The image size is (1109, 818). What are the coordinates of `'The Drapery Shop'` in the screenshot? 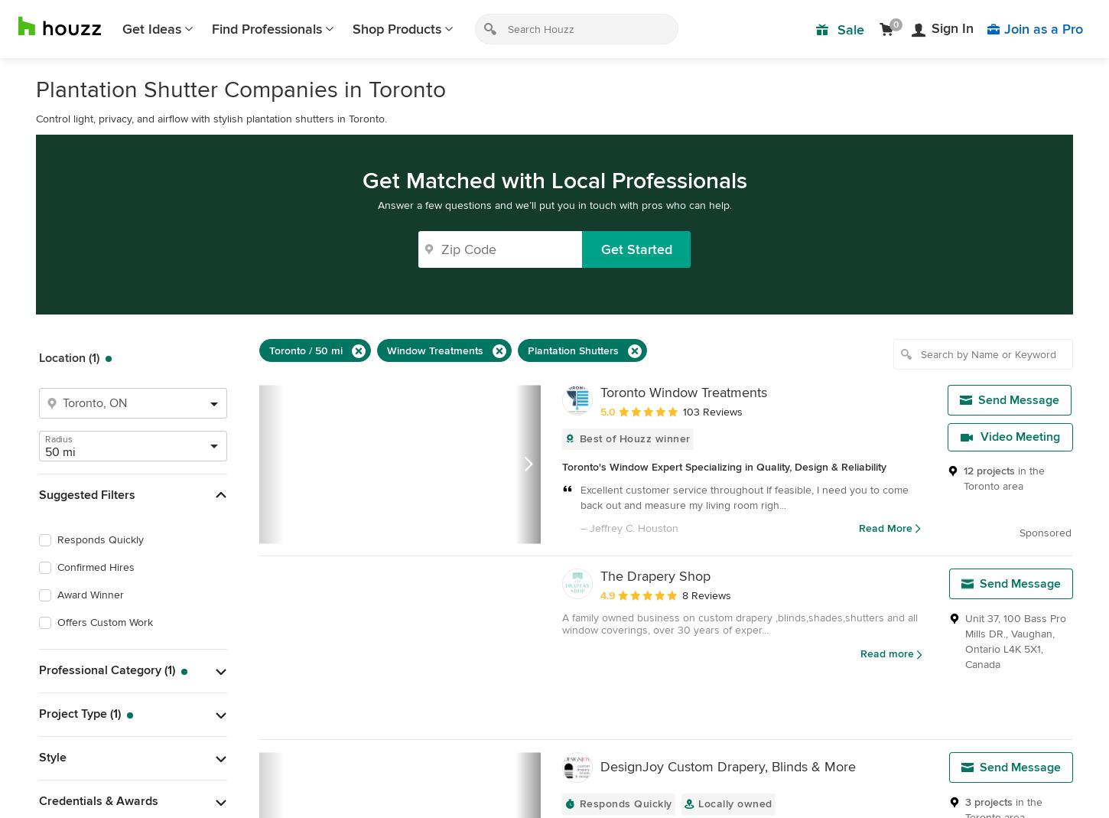 It's located at (654, 576).